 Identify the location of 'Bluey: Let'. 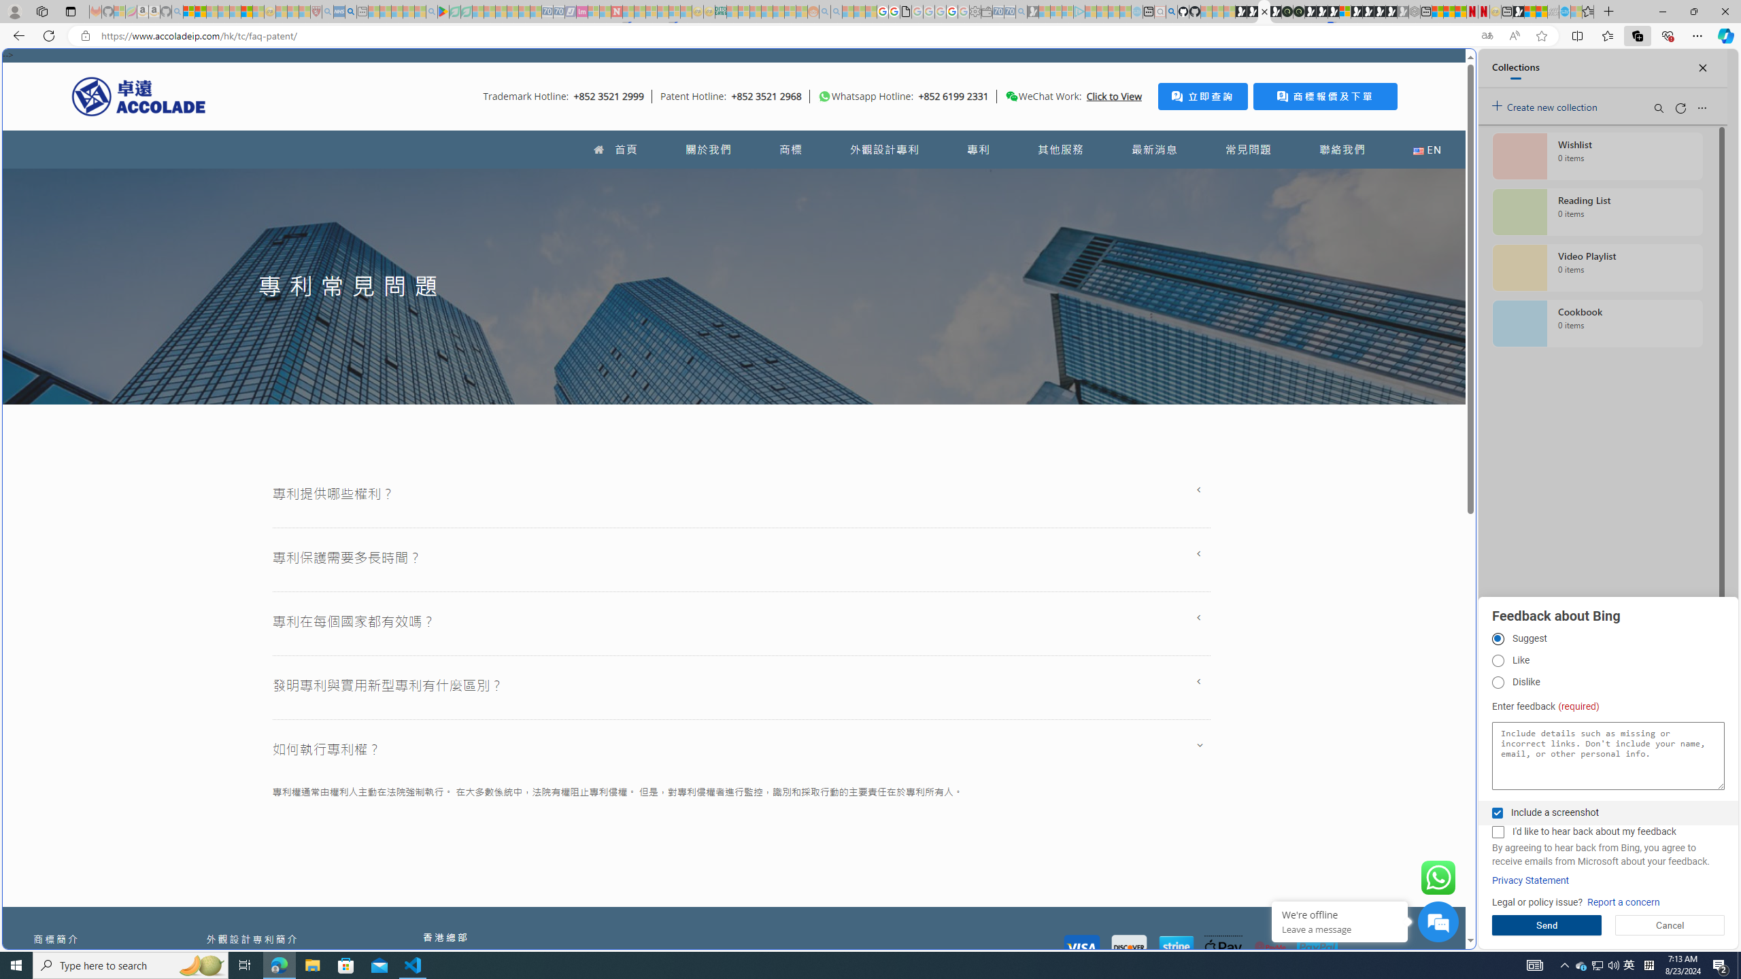
(443, 11).